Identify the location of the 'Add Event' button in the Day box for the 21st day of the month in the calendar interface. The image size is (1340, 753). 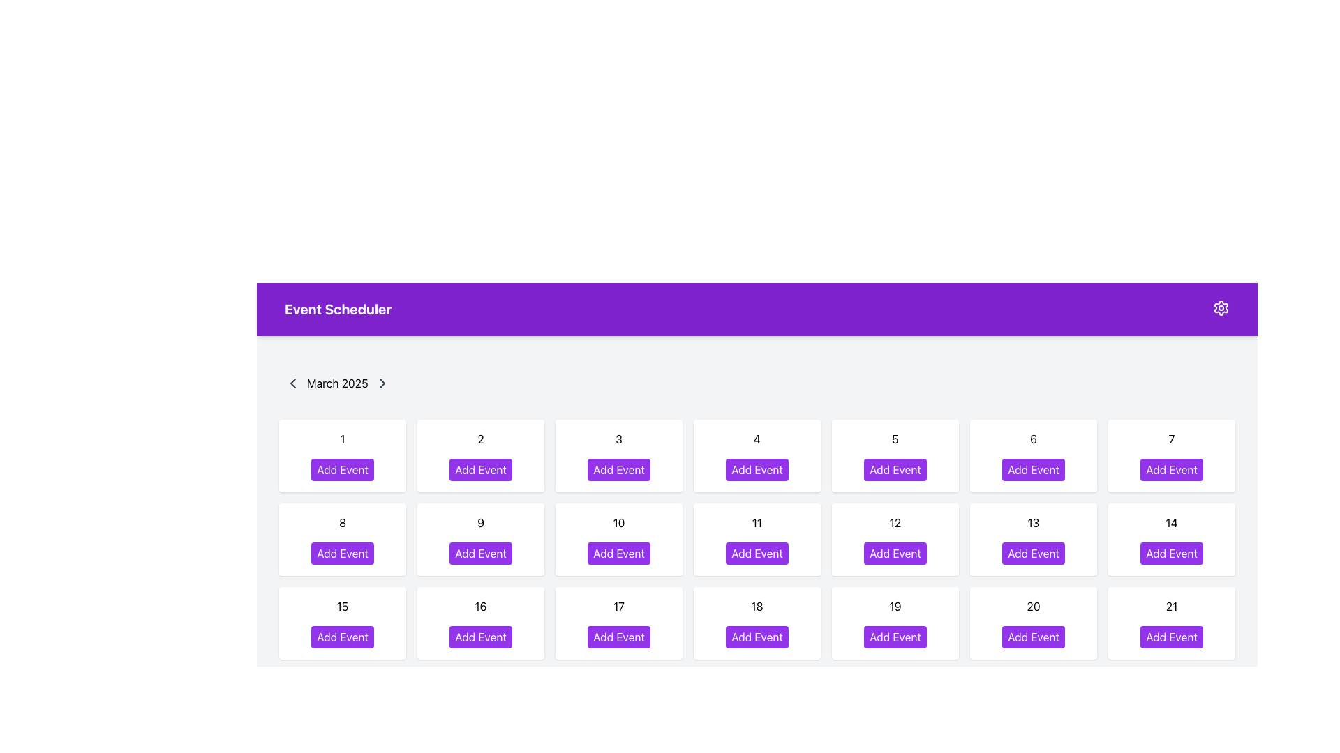
(1172, 623).